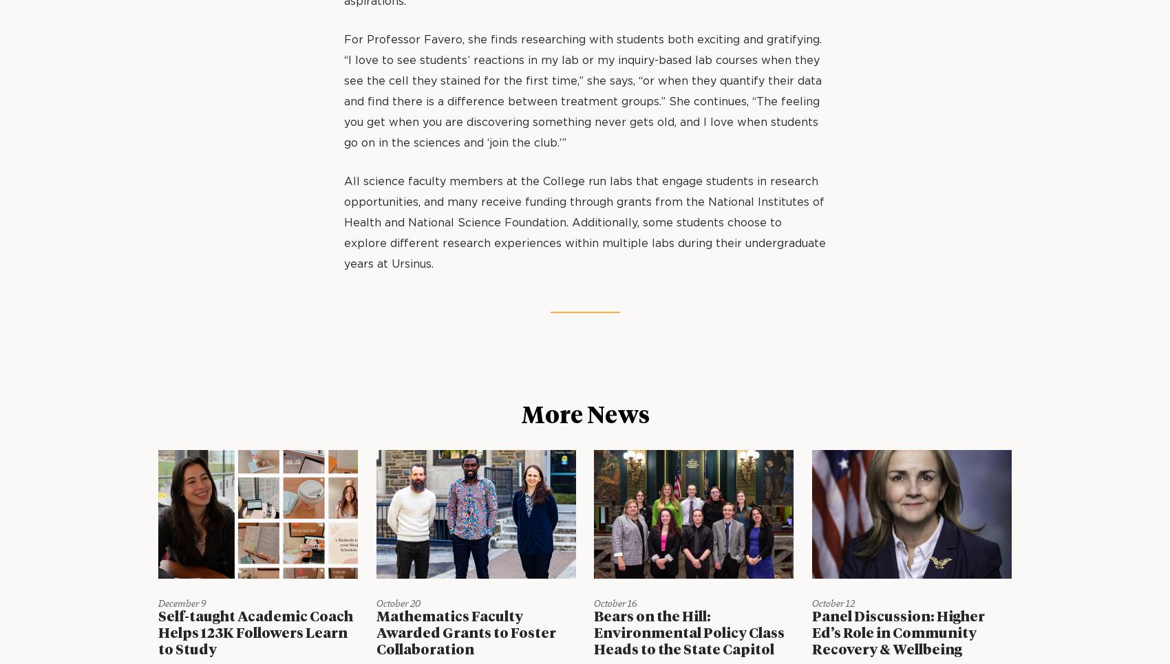 The width and height of the screenshot is (1170, 664). What do you see at coordinates (465, 632) in the screenshot?
I see `'Mathematics Faculty Awarded Grants to Foster Collaboration'` at bounding box center [465, 632].